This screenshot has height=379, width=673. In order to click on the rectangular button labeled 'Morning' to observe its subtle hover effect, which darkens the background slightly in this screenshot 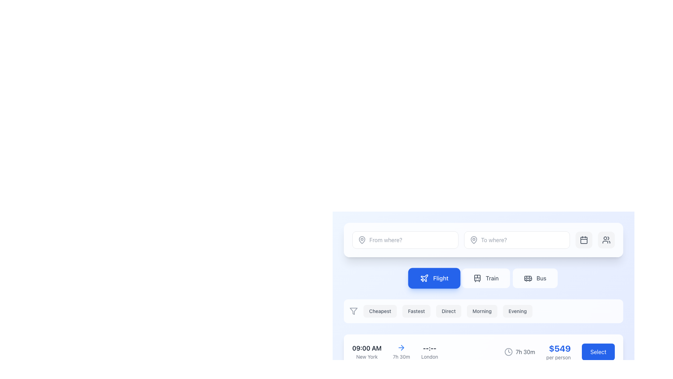, I will do `click(482, 311)`.